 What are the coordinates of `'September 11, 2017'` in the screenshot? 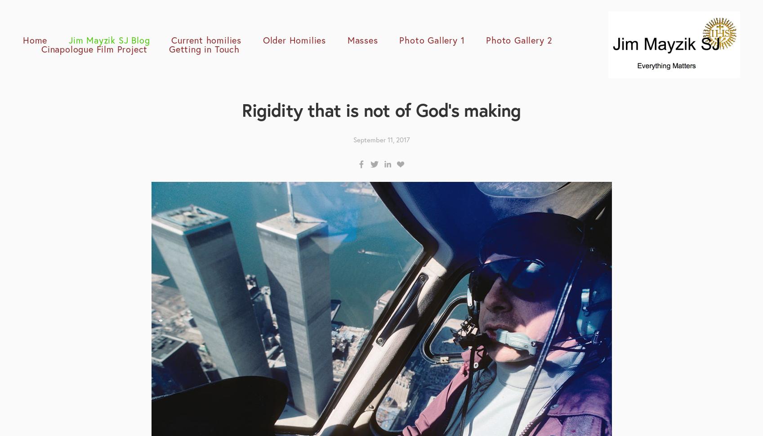 It's located at (381, 139).